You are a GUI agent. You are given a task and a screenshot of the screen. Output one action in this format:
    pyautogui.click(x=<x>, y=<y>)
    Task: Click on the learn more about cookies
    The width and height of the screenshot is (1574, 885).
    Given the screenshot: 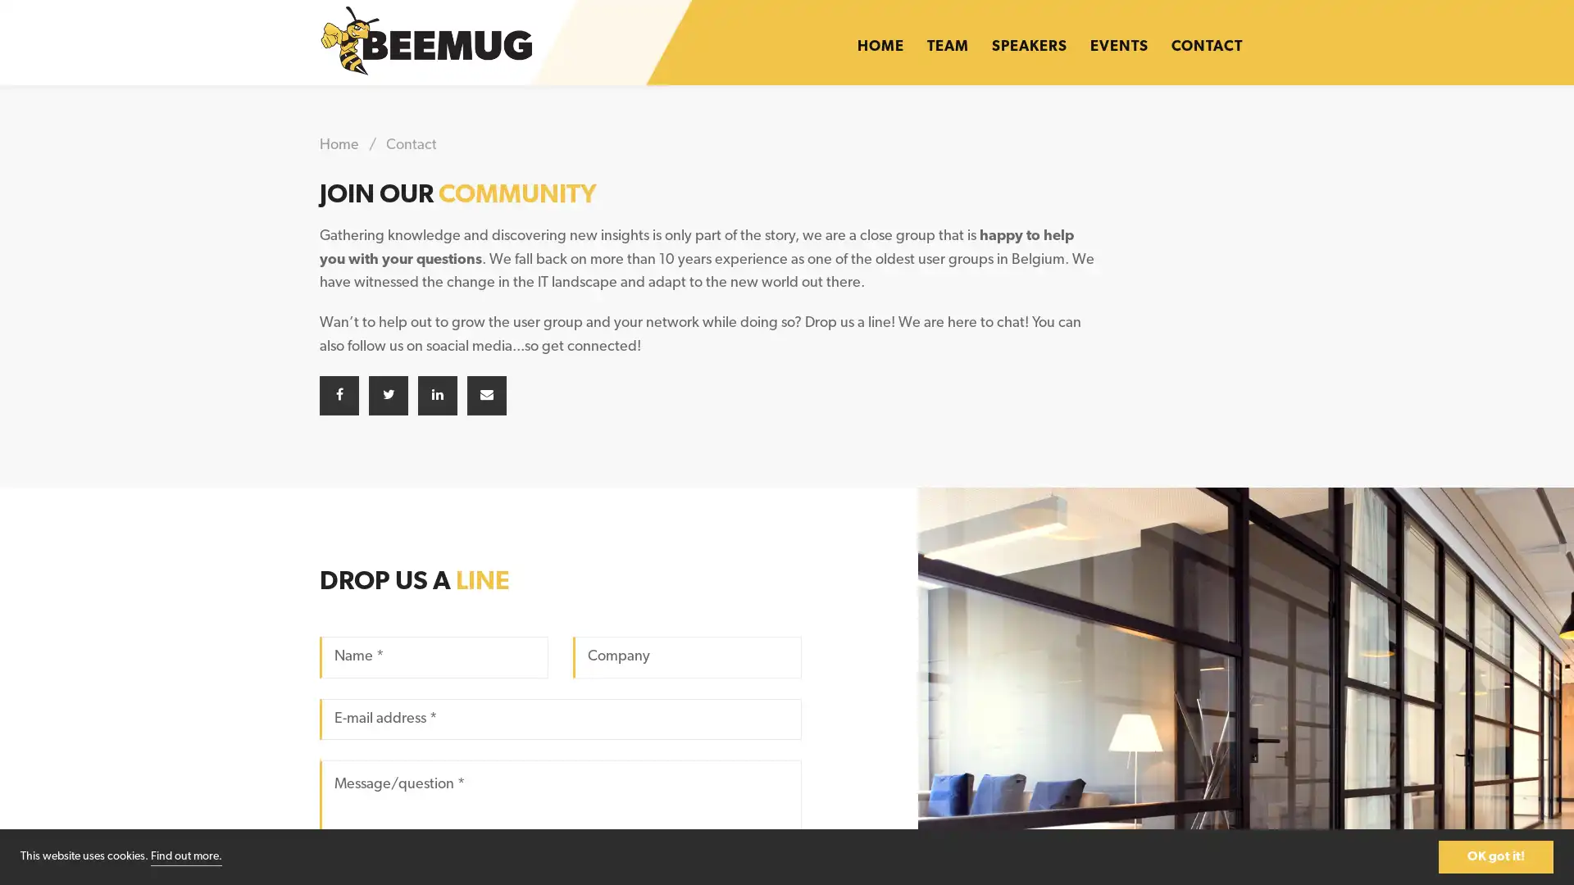 What is the action you would take?
    pyautogui.click(x=186, y=855)
    